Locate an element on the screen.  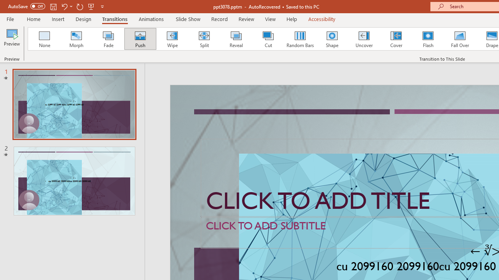
'Split' is located at coordinates (204, 39).